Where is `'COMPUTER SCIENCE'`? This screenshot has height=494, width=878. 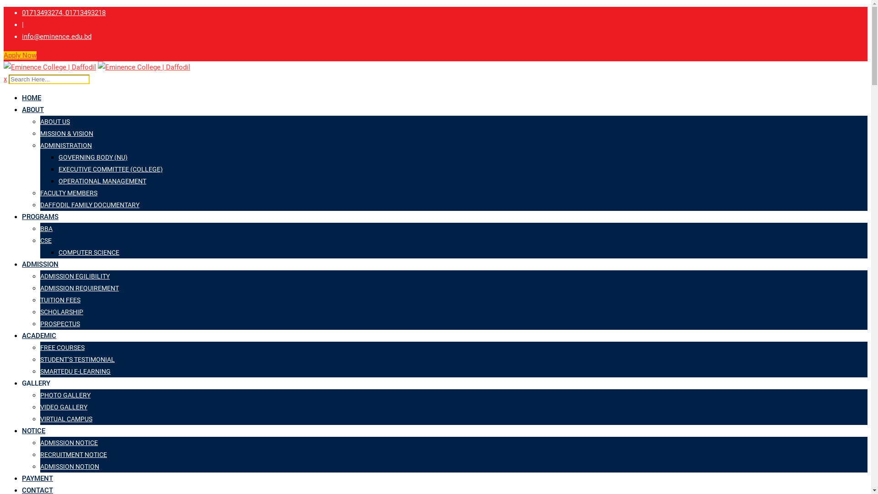
'COMPUTER SCIENCE' is located at coordinates (89, 252).